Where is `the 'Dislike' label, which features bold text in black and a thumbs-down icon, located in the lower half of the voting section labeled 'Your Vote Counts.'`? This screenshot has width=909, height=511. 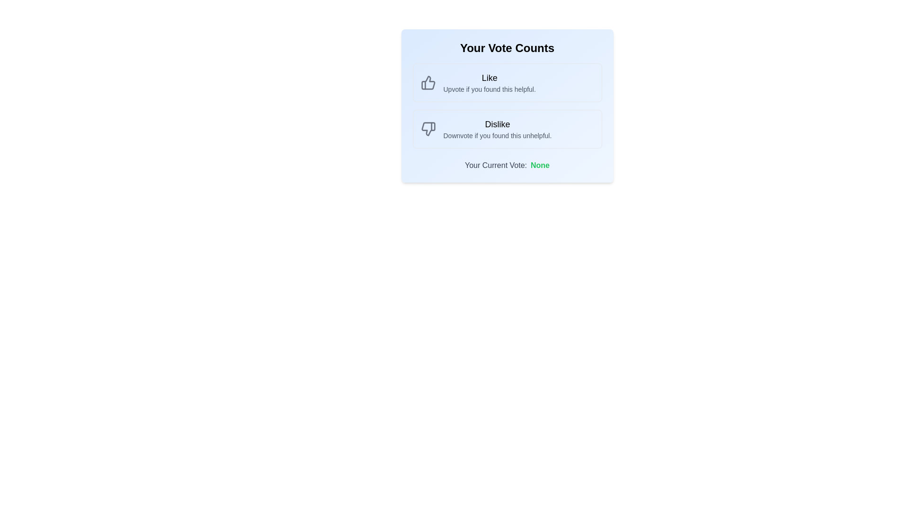
the 'Dislike' label, which features bold text in black and a thumbs-down icon, located in the lower half of the voting section labeled 'Your Vote Counts.' is located at coordinates (497, 123).